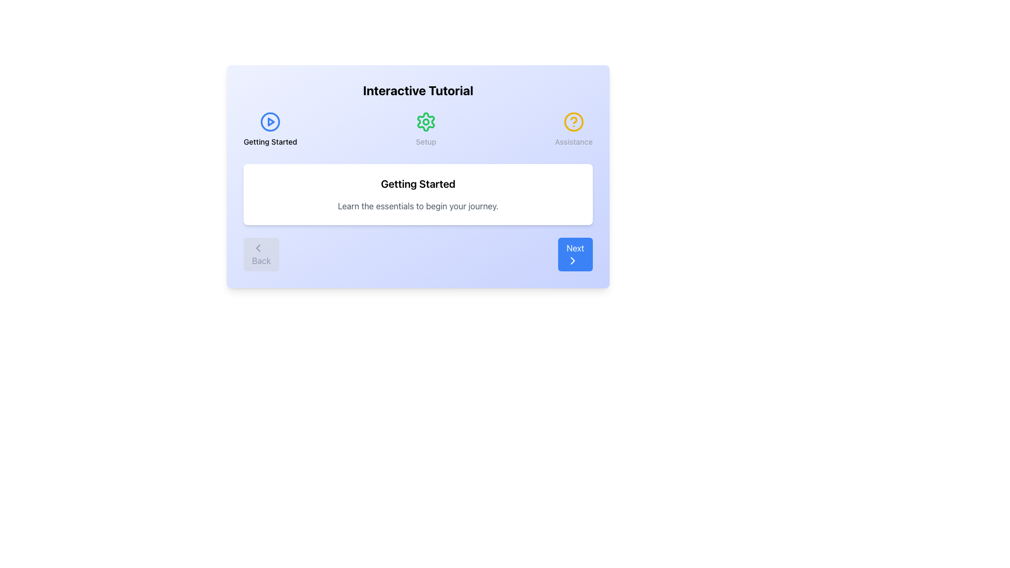 The width and height of the screenshot is (1010, 568). I want to click on the Text Label that describes the start of a process, situated below the circular play icon in the top-left quadrant of the interface, so click(270, 142).